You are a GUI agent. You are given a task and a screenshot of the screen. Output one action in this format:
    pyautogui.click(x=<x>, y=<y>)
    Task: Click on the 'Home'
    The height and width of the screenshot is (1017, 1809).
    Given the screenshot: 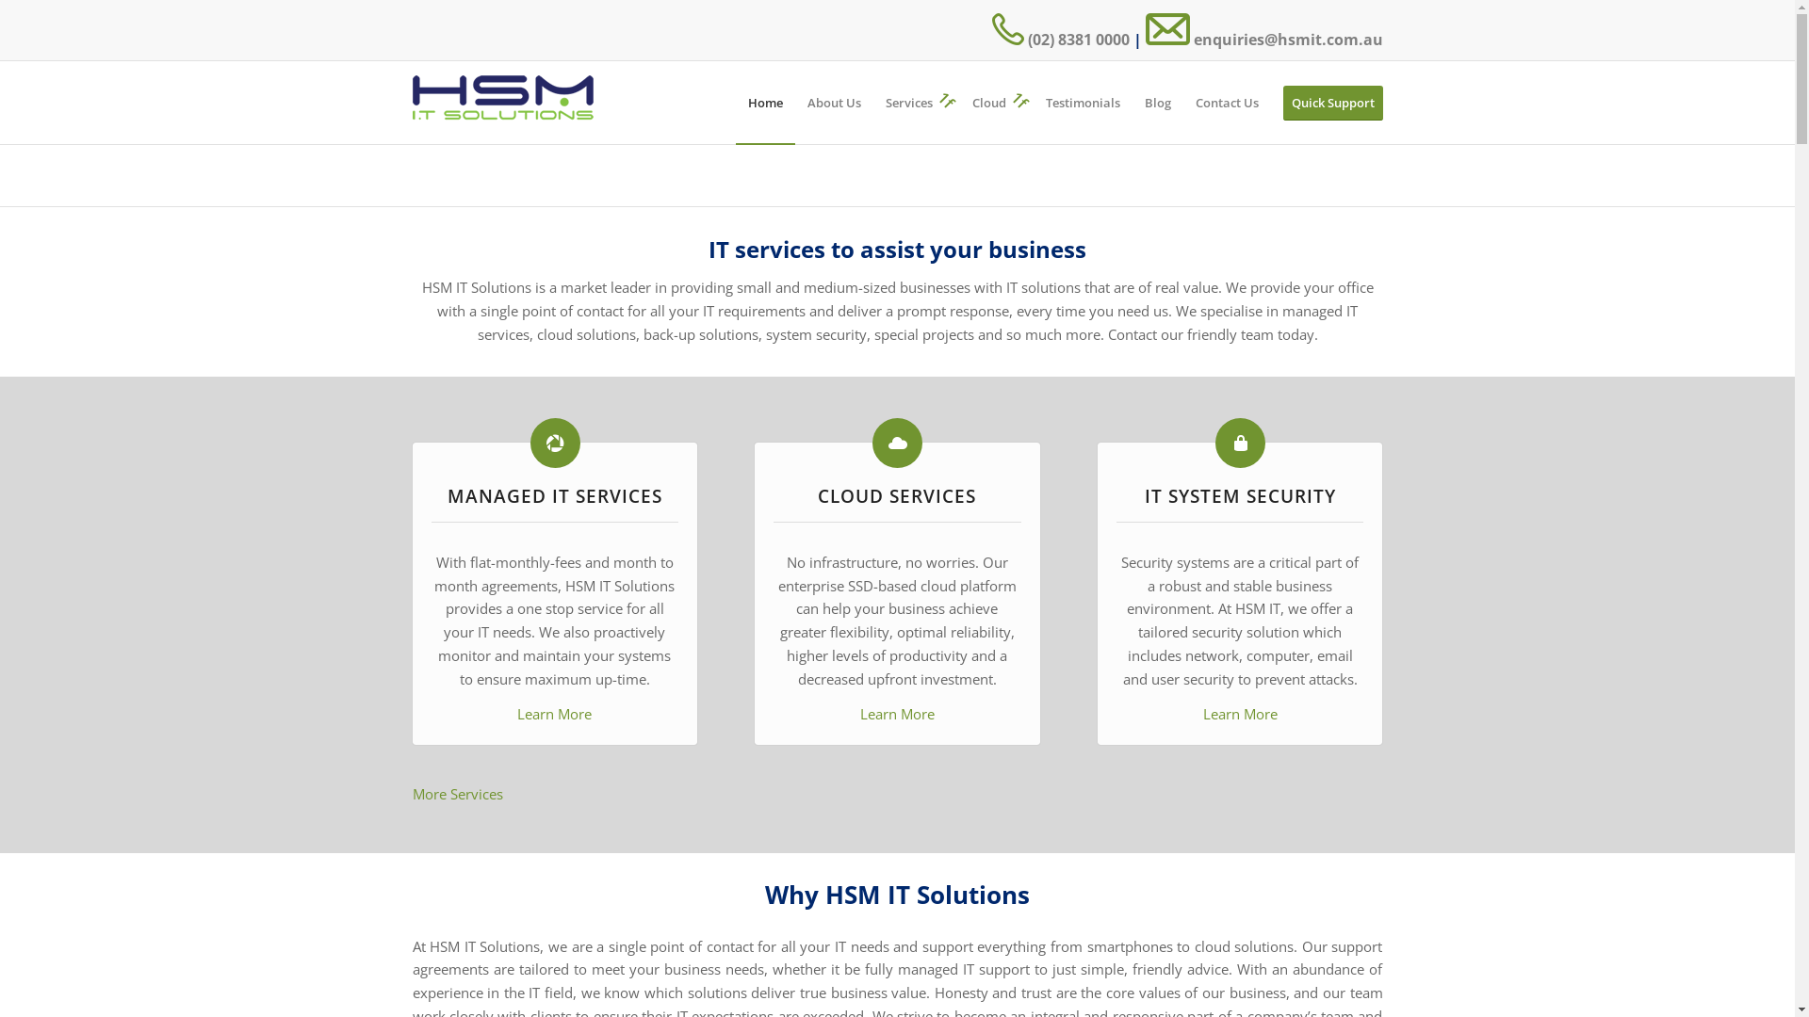 What is the action you would take?
    pyautogui.click(x=765, y=102)
    